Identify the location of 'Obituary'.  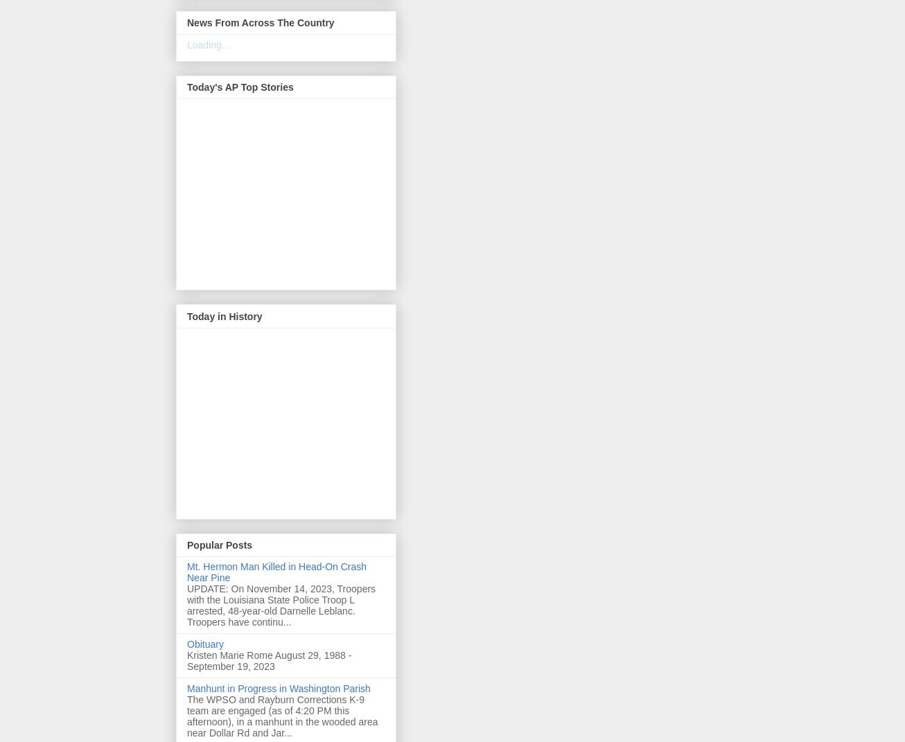
(204, 643).